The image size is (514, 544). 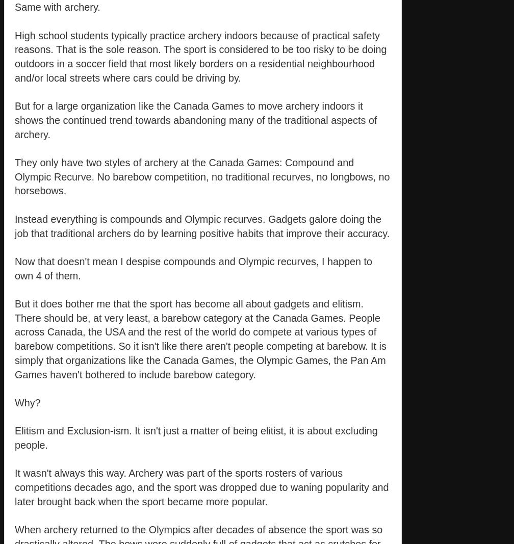 I want to click on 'Now that doesn't mean I despise compounds and Olympic recurves, I happen to own 4 of them.', so click(x=15, y=268).